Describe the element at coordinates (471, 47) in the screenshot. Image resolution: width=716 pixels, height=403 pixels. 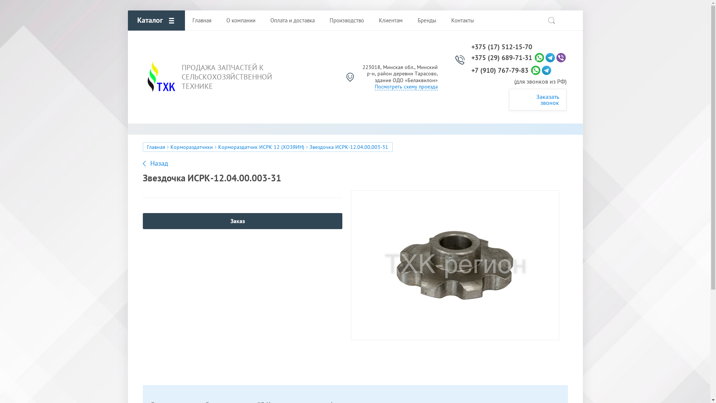
I see `'+375 (17) 512-15-70'` at that location.